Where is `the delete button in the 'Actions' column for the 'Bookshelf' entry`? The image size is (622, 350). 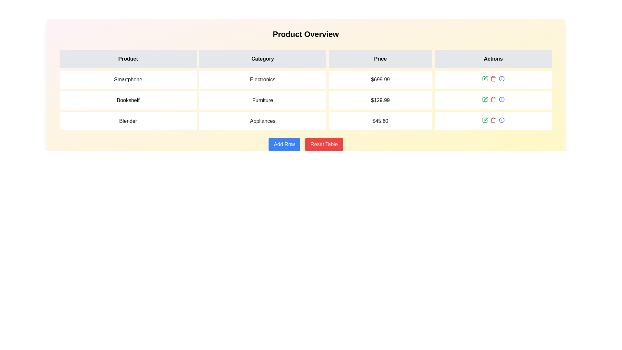
the delete button in the 'Actions' column for the 'Bookshelf' entry is located at coordinates (493, 78).